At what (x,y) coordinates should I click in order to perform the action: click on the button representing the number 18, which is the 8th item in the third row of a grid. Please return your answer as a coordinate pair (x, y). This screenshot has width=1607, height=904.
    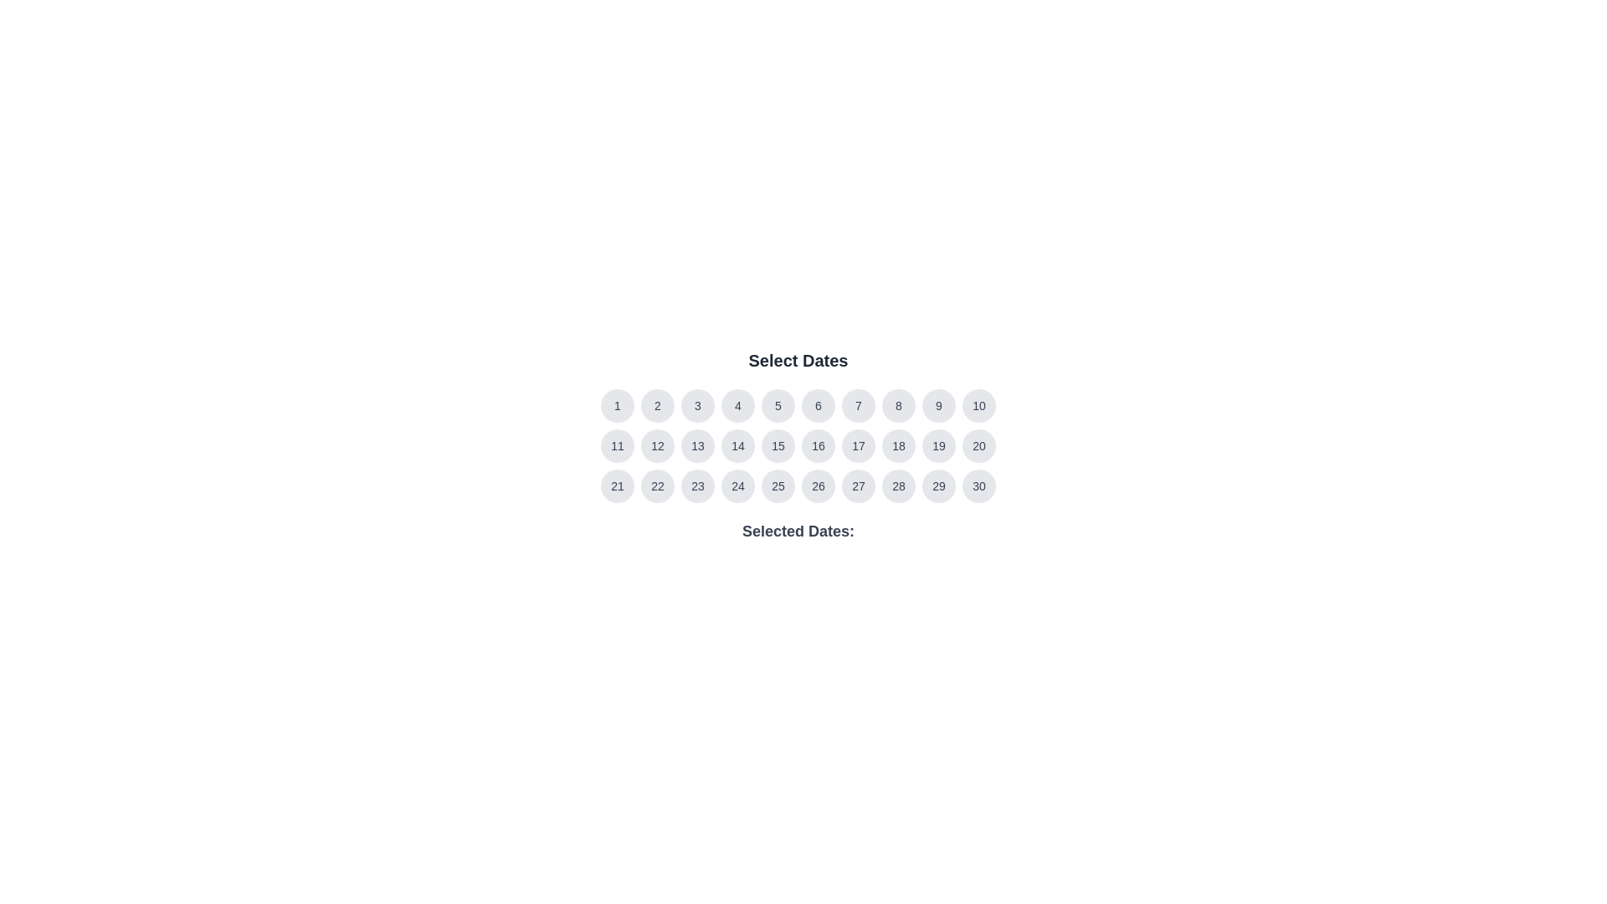
    Looking at the image, I should click on (898, 444).